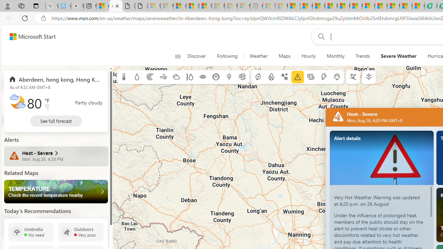 The height and width of the screenshot is (249, 443). I want to click on 'See full forecast', so click(56, 120).